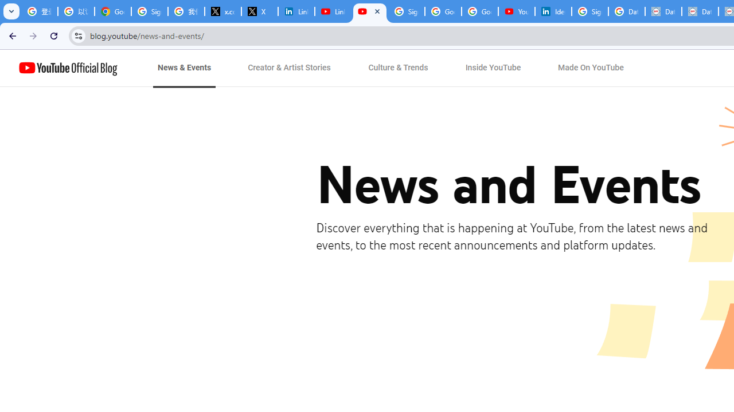 The width and height of the screenshot is (734, 412). What do you see at coordinates (333, 11) in the screenshot?
I see `'LinkedIn - YouTube'` at bounding box center [333, 11].